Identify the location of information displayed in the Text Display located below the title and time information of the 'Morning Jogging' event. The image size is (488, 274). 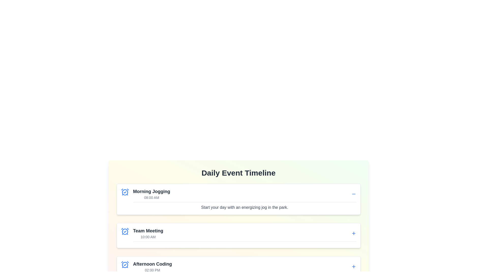
(245, 207).